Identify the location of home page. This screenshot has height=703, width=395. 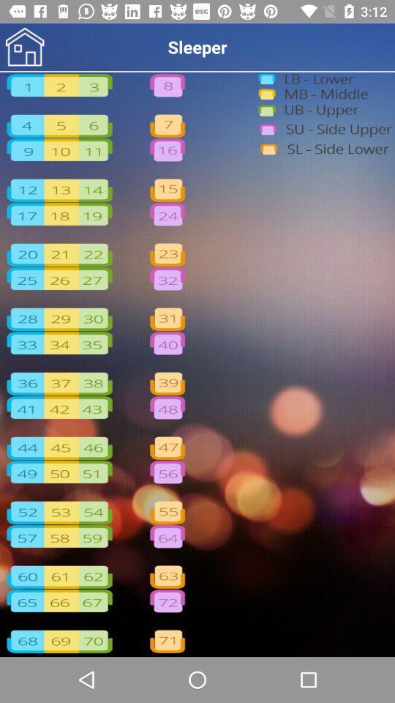
(24, 47).